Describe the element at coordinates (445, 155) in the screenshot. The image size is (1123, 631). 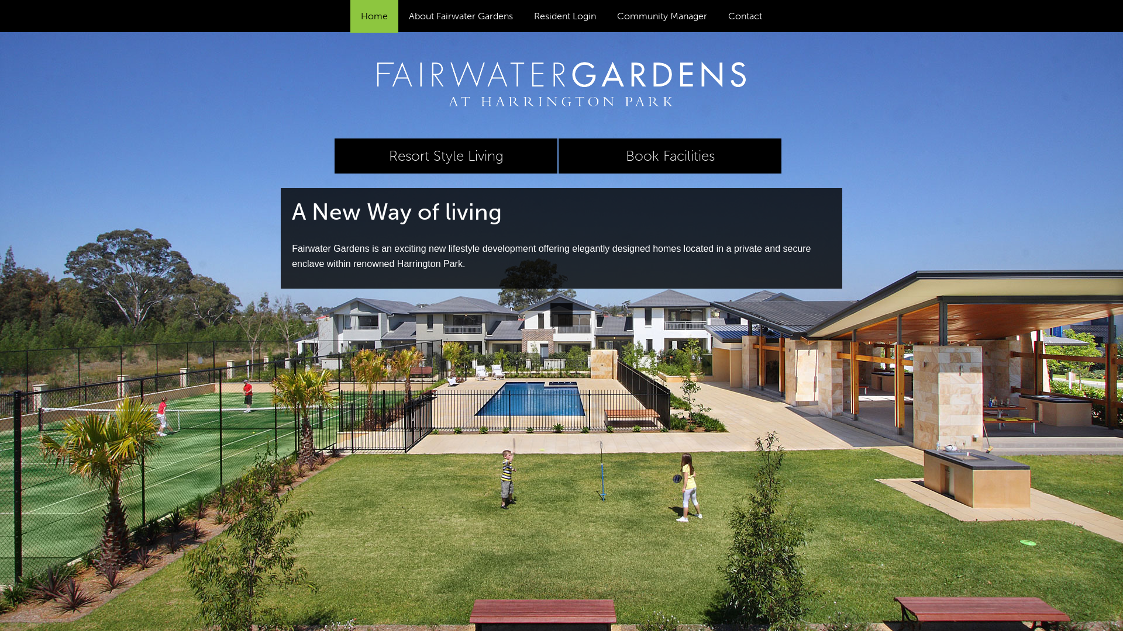
I see `'Resort Style Living'` at that location.